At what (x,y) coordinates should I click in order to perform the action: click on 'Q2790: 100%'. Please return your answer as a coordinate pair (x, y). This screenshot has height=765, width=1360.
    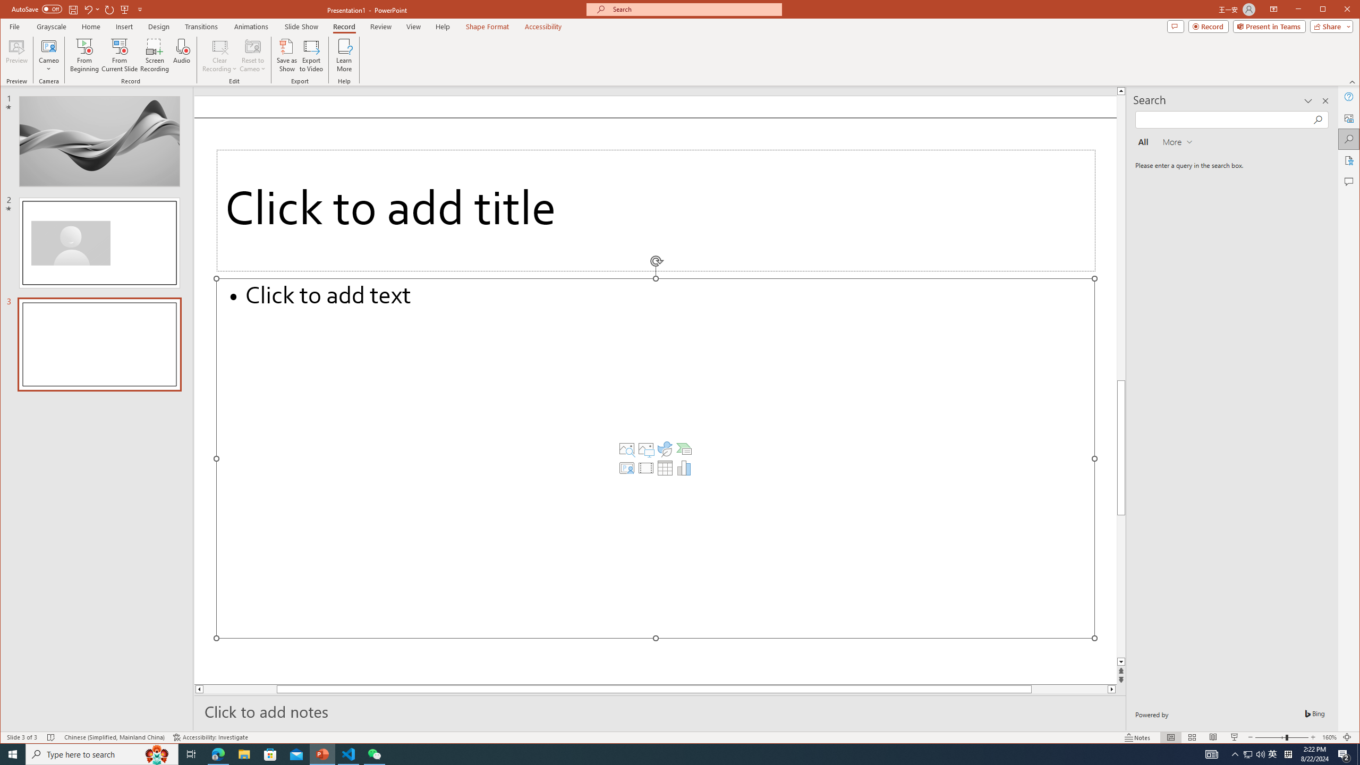
    Looking at the image, I should click on (1260, 753).